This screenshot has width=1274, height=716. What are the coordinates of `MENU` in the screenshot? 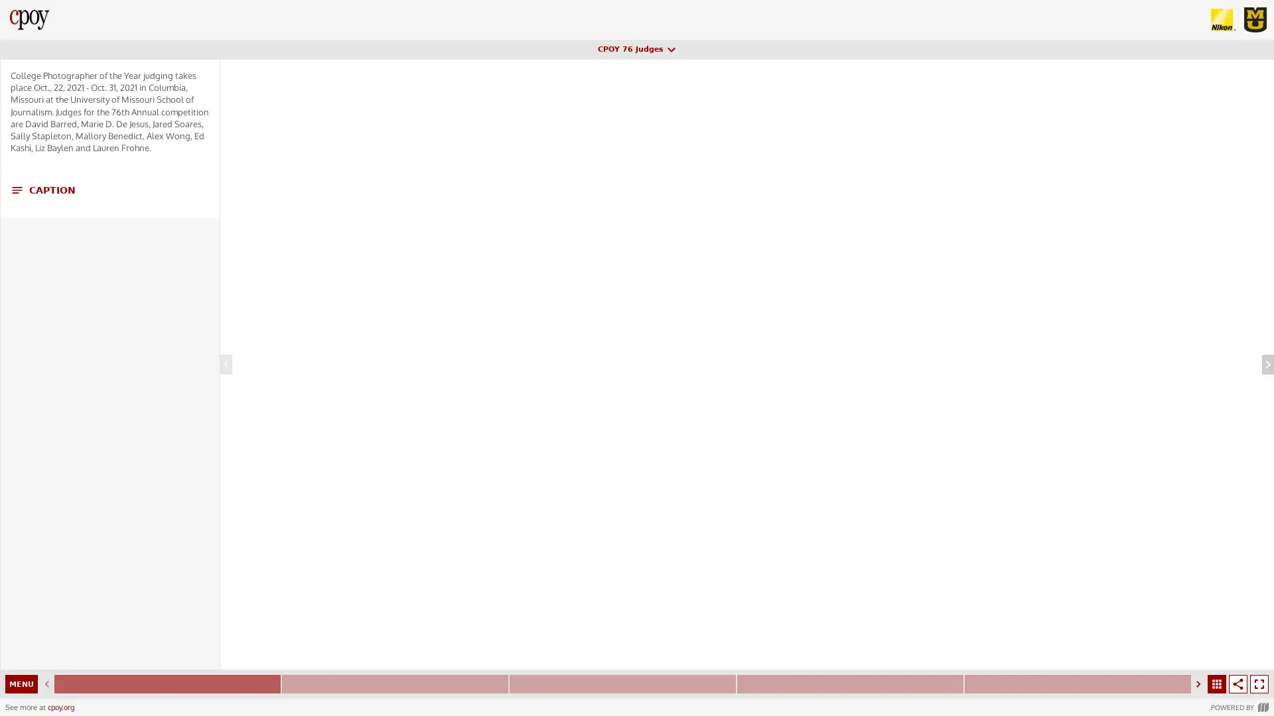 It's located at (23, 684).